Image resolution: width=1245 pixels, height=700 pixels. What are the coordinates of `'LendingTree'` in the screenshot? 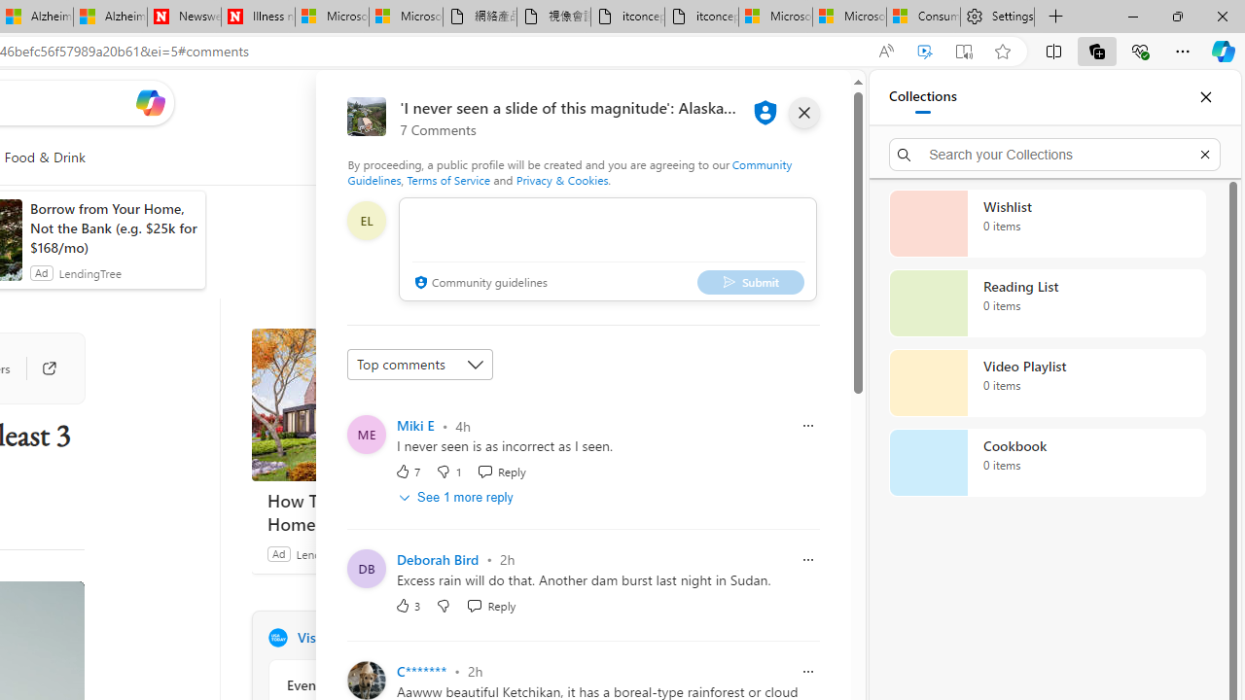 It's located at (327, 553).